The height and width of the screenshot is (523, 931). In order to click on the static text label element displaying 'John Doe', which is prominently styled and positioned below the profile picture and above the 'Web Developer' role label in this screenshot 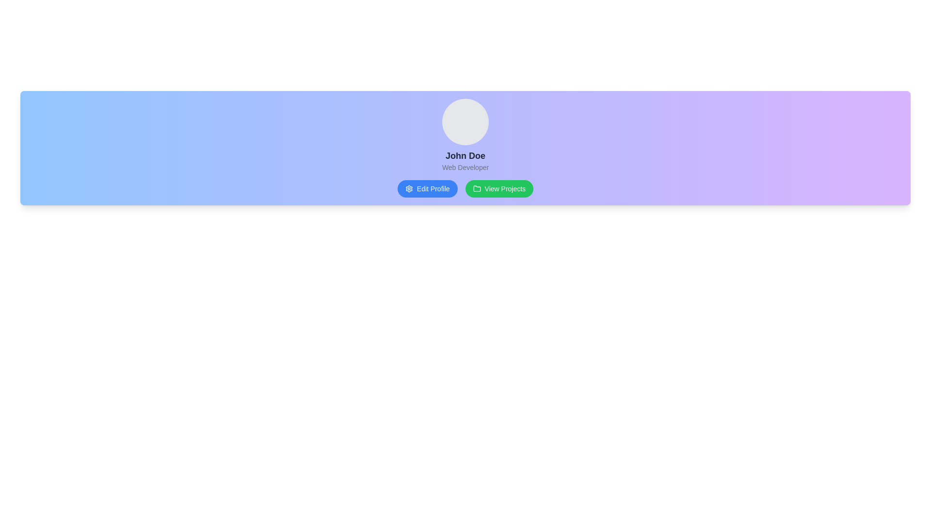, I will do `click(465, 155)`.